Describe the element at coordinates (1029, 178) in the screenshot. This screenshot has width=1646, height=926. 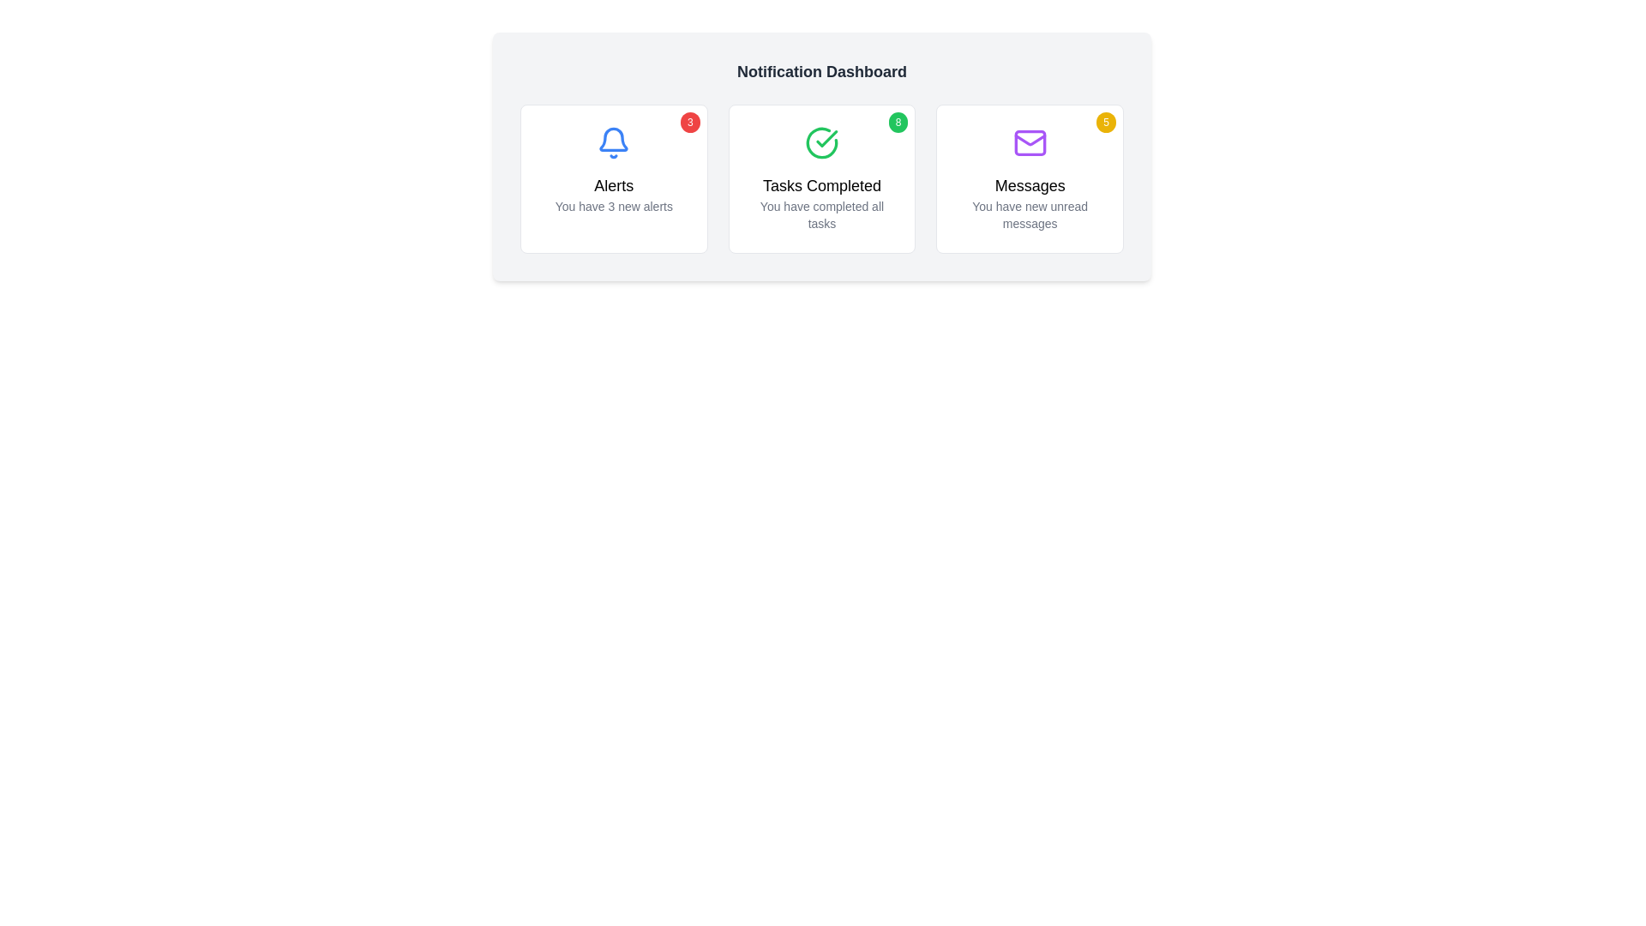
I see `the unread messages summary card located in the top-right area of the grid, which is the third card from the left after the 'Tasks Completed' card` at that location.